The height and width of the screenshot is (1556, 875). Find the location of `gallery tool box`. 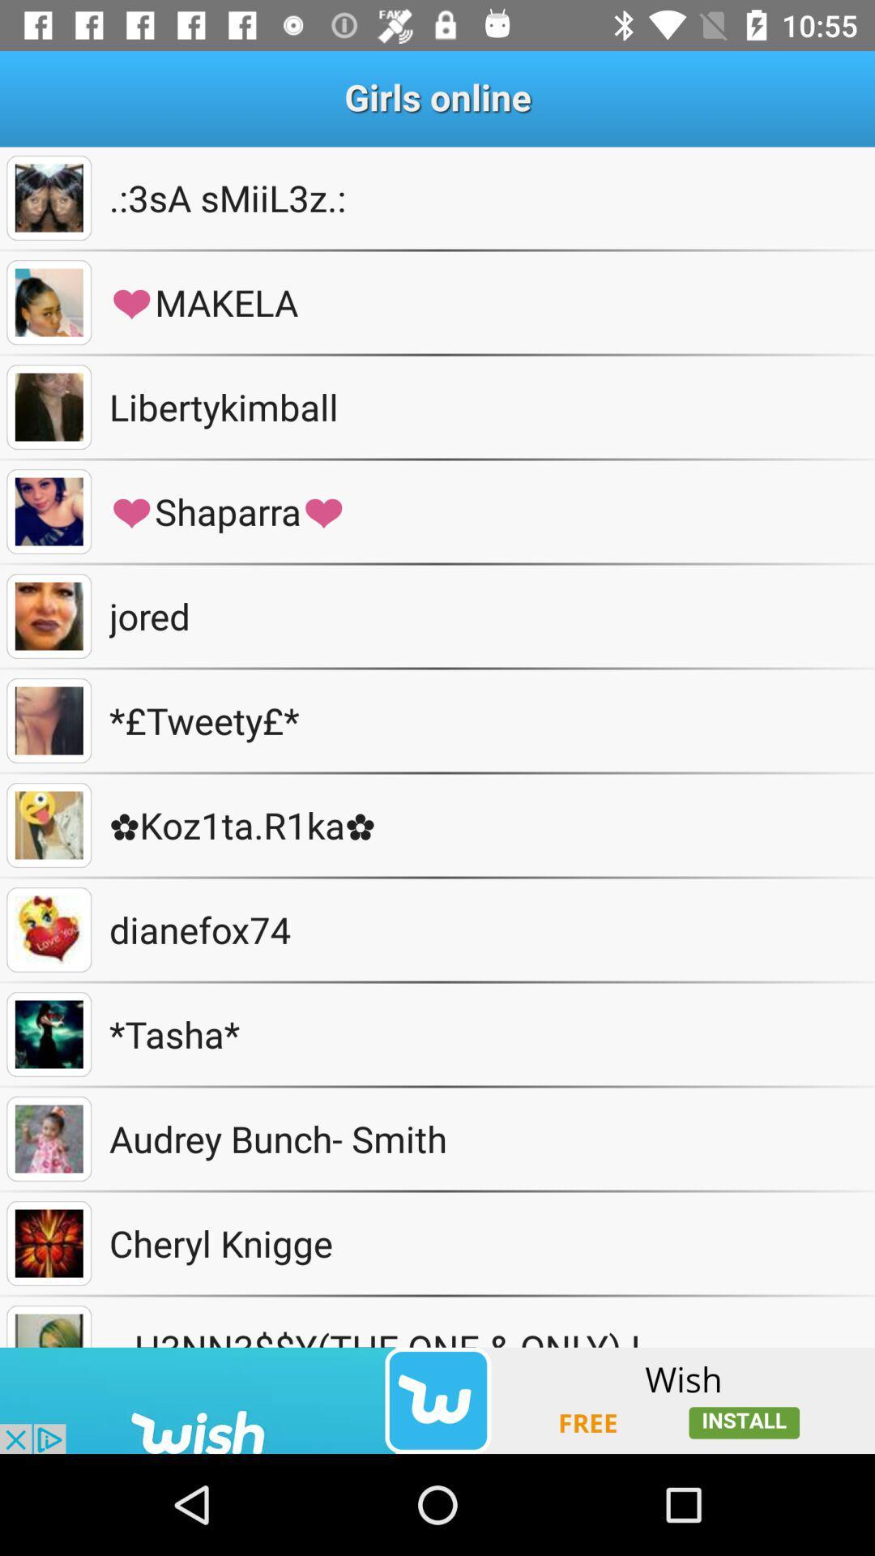

gallery tool box is located at coordinates (48, 1242).